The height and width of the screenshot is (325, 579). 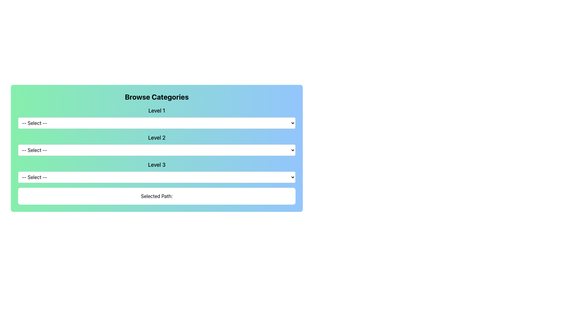 What do you see at coordinates (157, 138) in the screenshot?
I see `the text label displaying 'Level 2' to check for potential tooltips` at bounding box center [157, 138].